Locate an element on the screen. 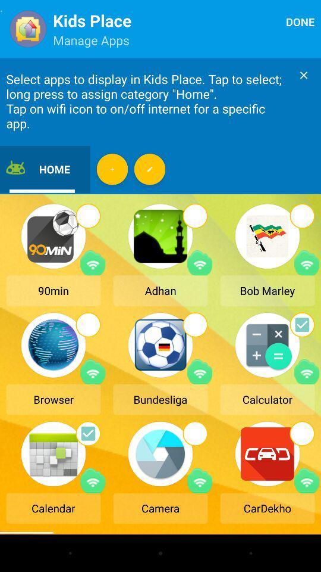  the icon beside kids place is located at coordinates (28, 28).